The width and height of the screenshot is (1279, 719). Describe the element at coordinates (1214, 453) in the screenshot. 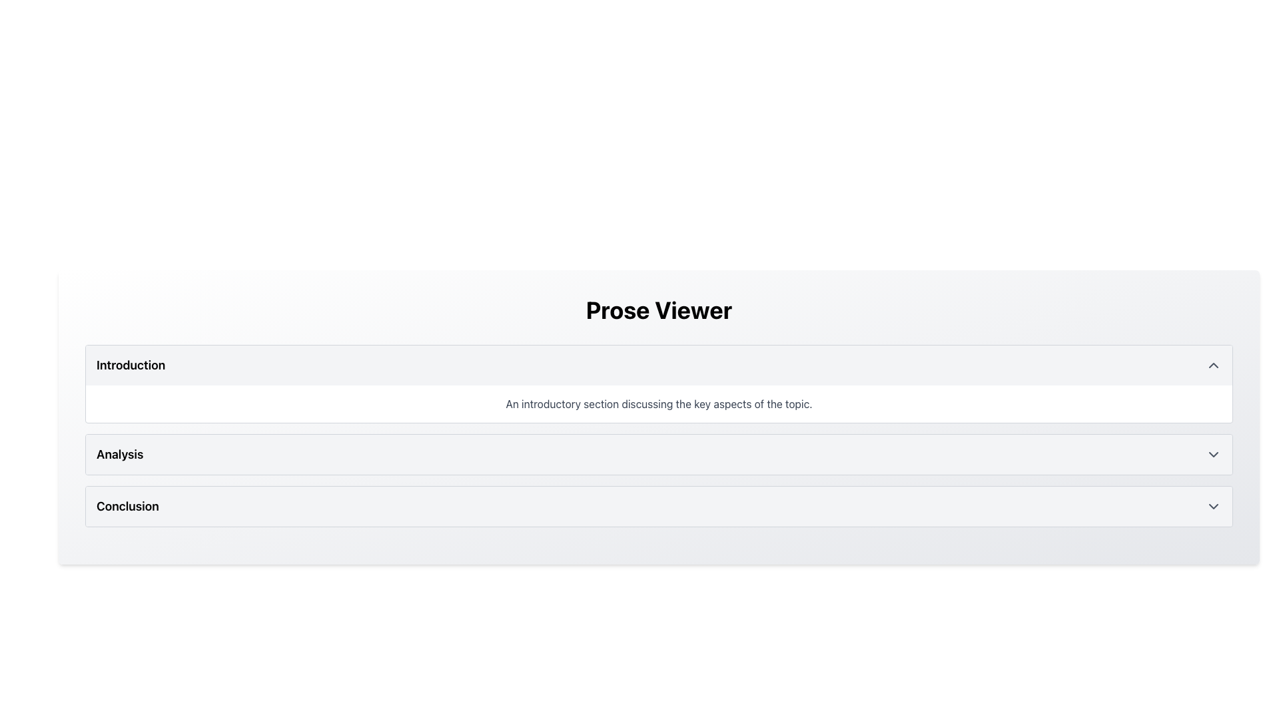

I see `the collapsible toggle icon for the 'Analysis' section located at the rightmost side of the header` at that location.